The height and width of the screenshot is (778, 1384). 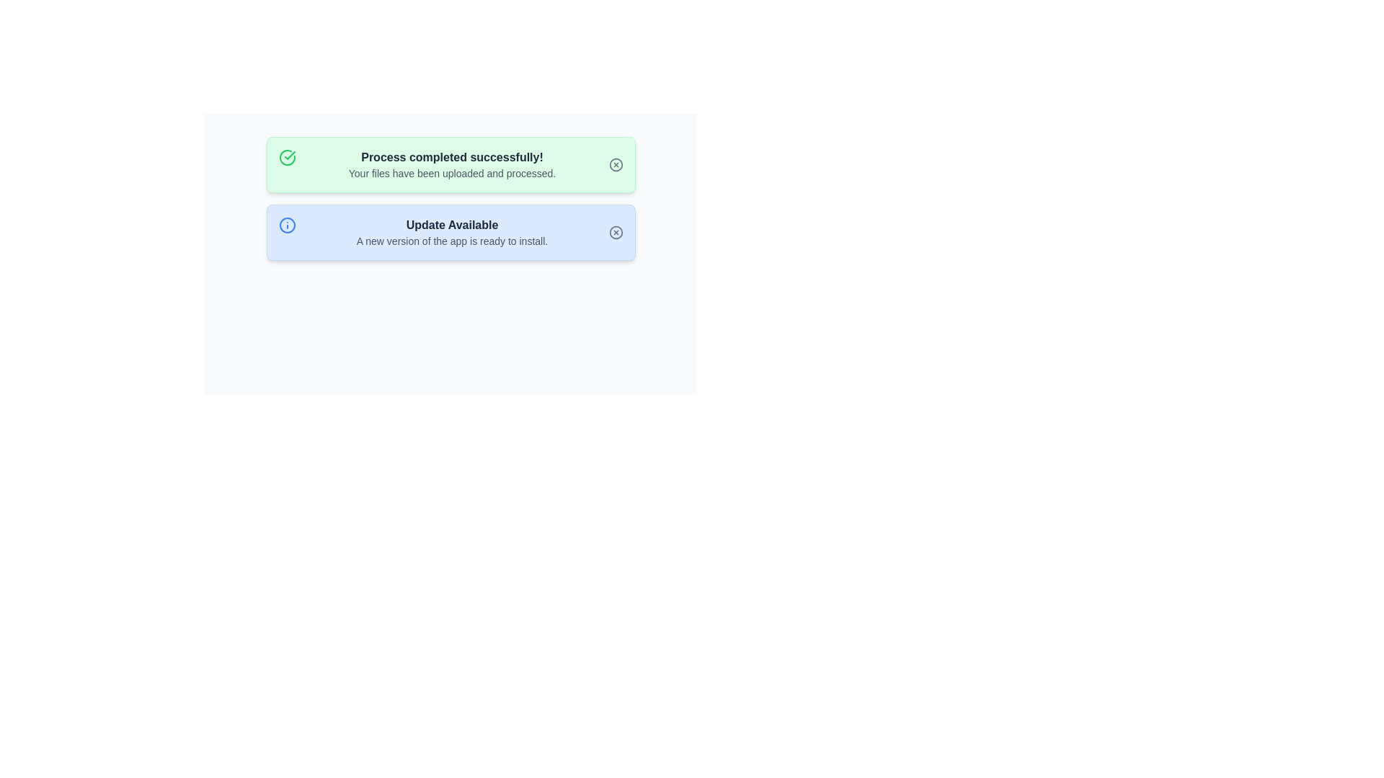 What do you see at coordinates (287, 158) in the screenshot?
I see `the success notification icon located at the top left area of the success notification box, adjacent to the text 'Process completed successfully!'` at bounding box center [287, 158].